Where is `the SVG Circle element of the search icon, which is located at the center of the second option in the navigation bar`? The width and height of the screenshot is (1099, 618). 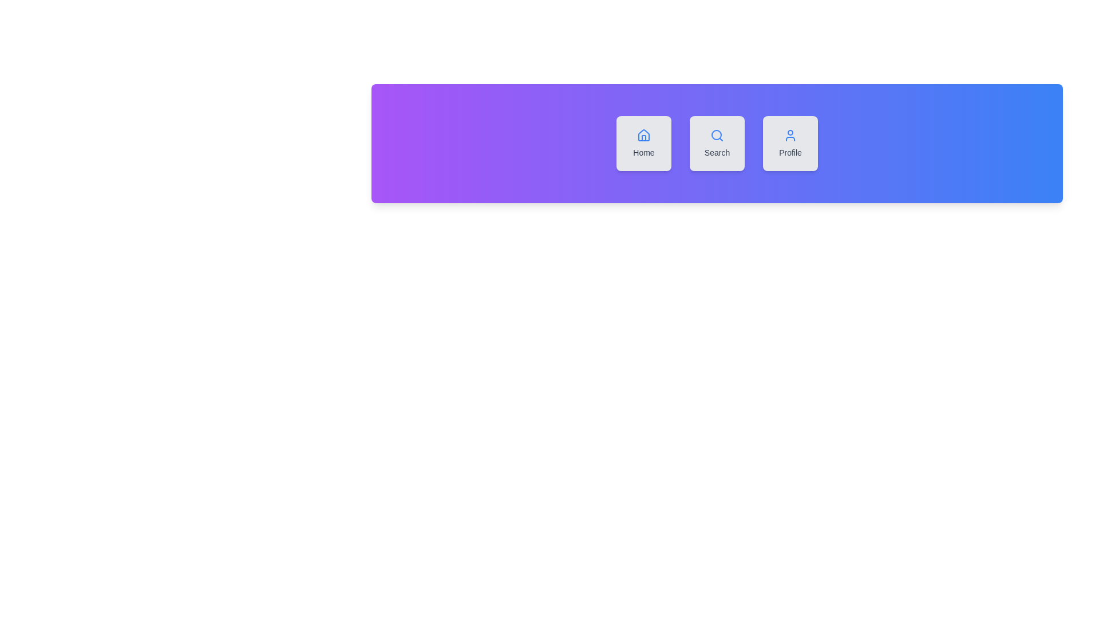 the SVG Circle element of the search icon, which is located at the center of the second option in the navigation bar is located at coordinates (716, 134).